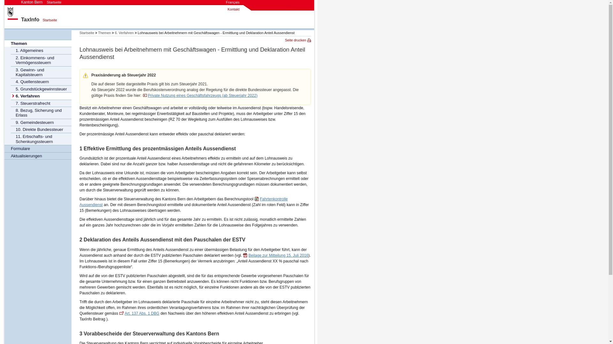 The width and height of the screenshot is (613, 344). Describe the element at coordinates (297, 40) in the screenshot. I see `'Seite drucken'` at that location.